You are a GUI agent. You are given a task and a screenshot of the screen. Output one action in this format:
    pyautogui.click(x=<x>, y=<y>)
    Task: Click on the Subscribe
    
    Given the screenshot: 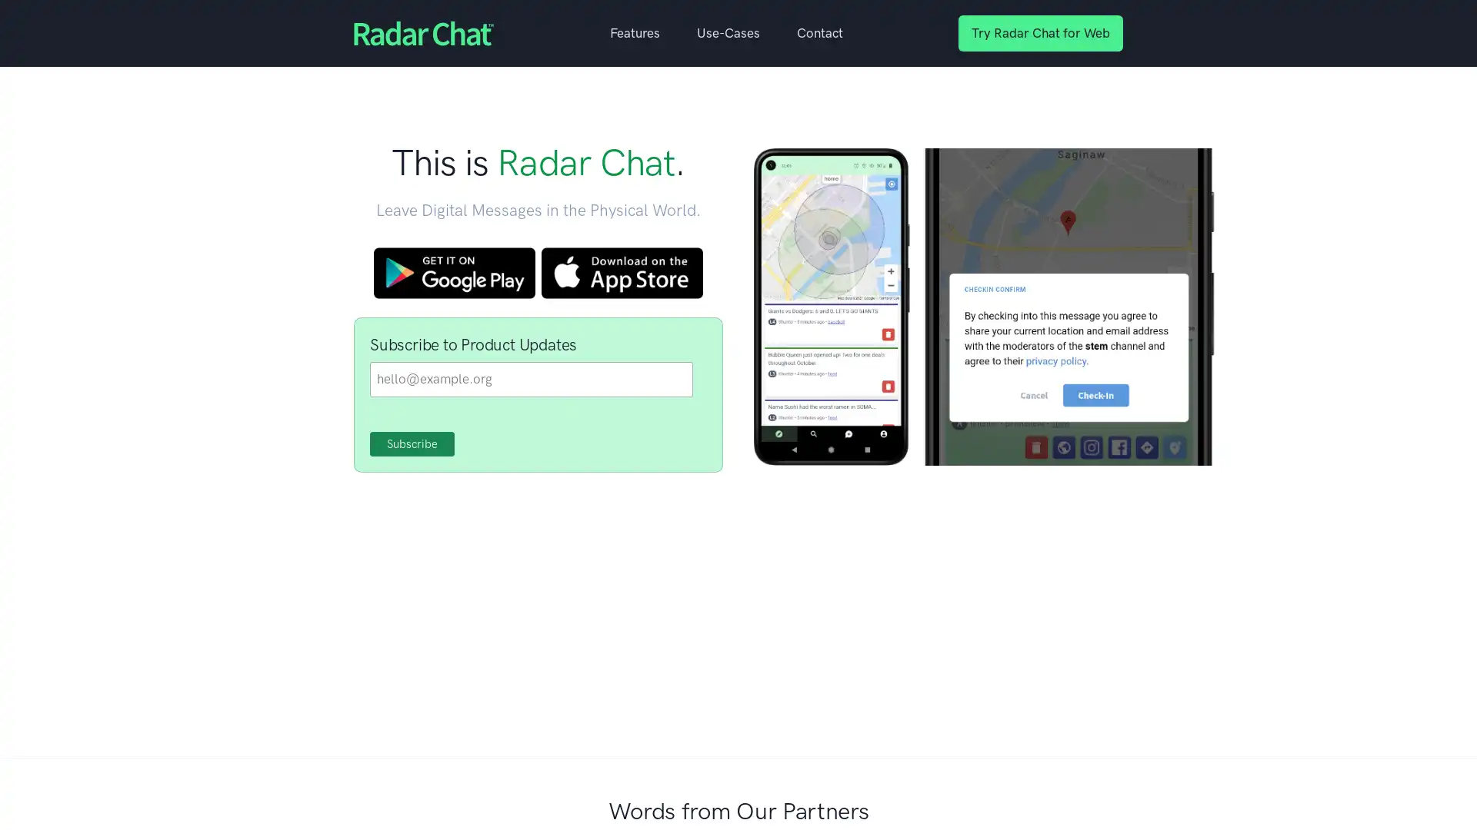 What is the action you would take?
    pyautogui.click(x=412, y=444)
    